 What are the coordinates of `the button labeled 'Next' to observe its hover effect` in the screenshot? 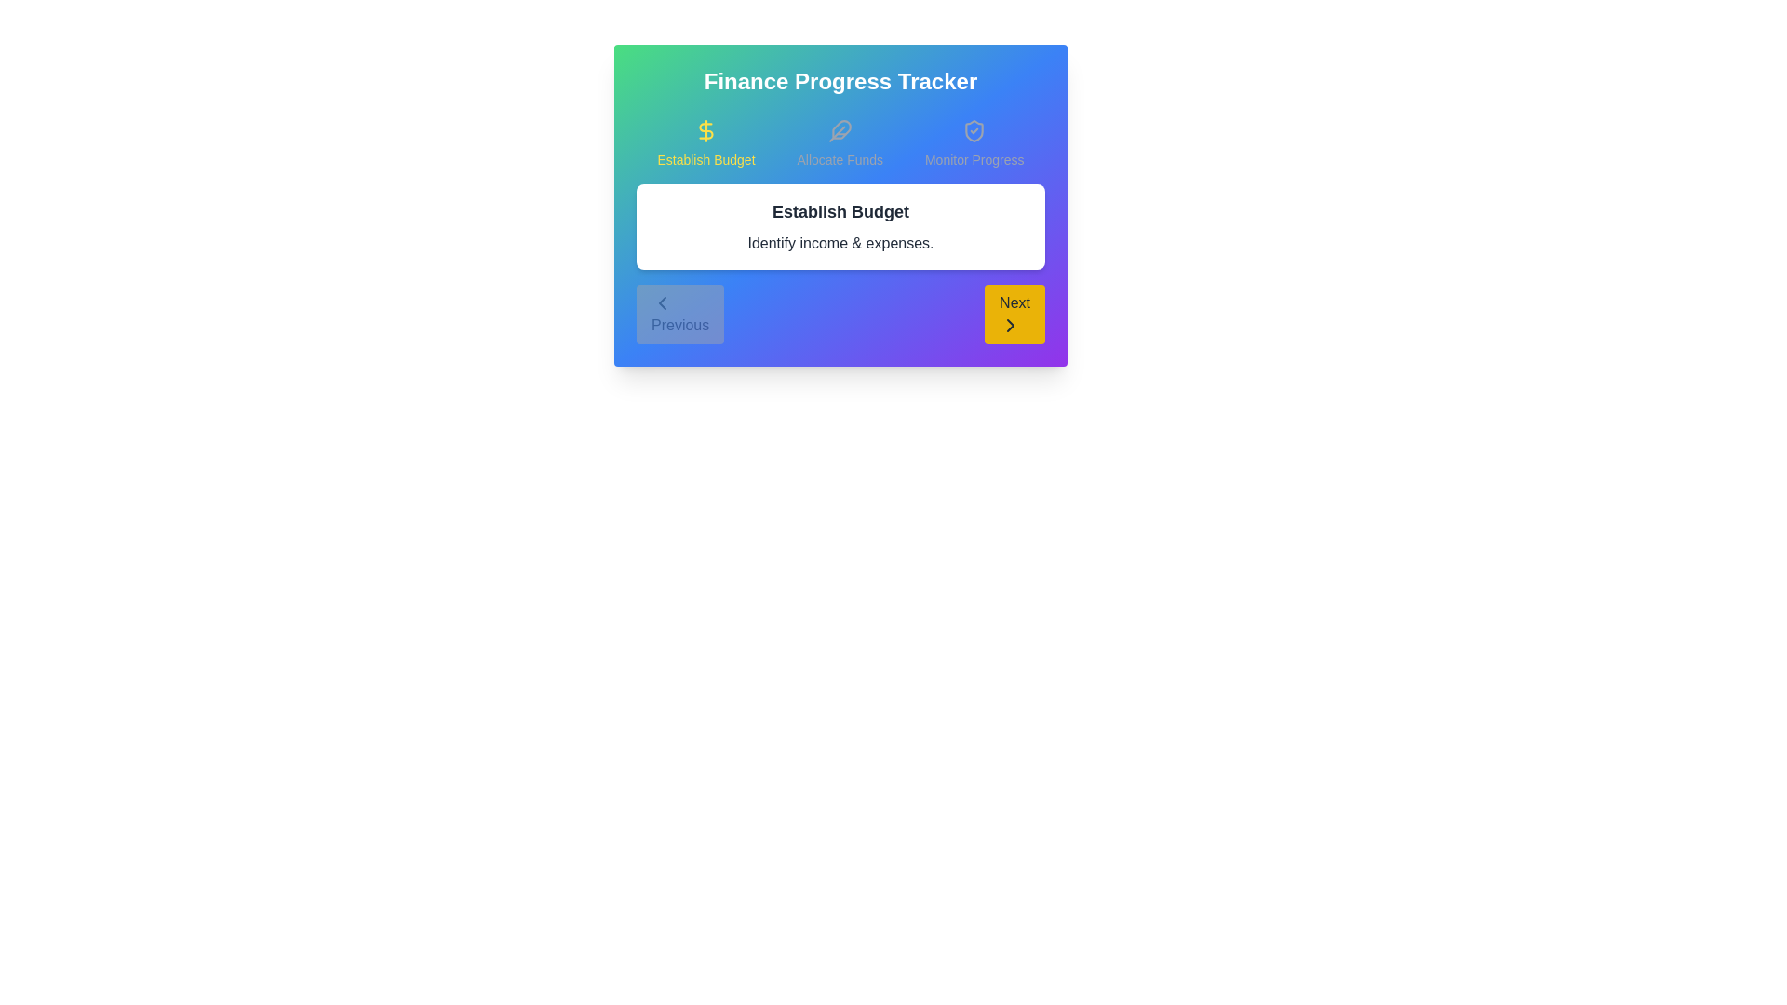 It's located at (1014, 314).